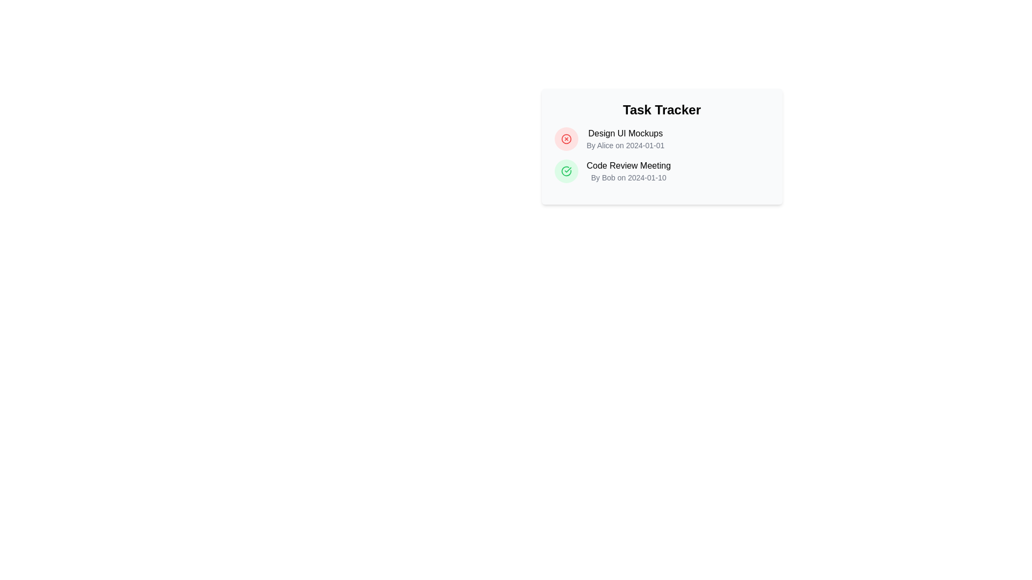 The height and width of the screenshot is (580, 1032). Describe the element at coordinates (661, 138) in the screenshot. I see `the first task item in the vertical list, which contains details about its nature, assigned person, and due date` at that location.